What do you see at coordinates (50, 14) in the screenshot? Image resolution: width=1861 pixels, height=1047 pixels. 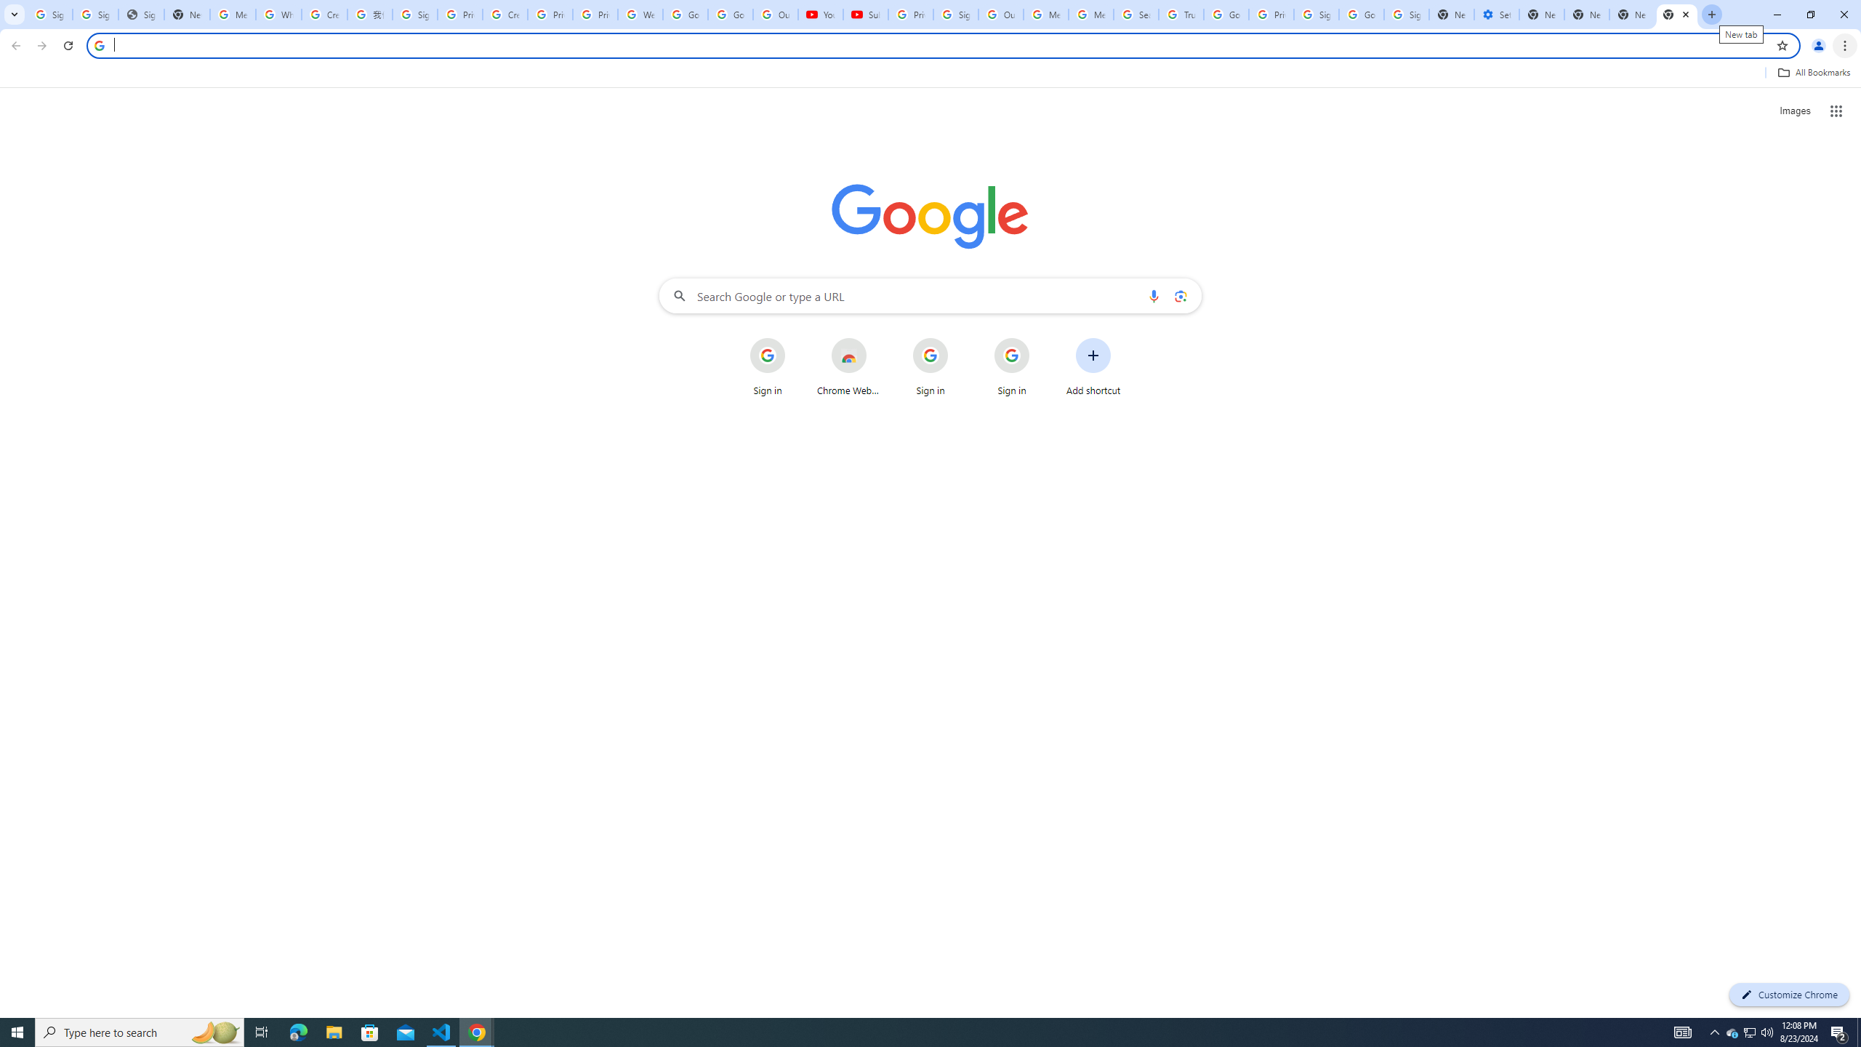 I see `'Sign in - Google Accounts'` at bounding box center [50, 14].